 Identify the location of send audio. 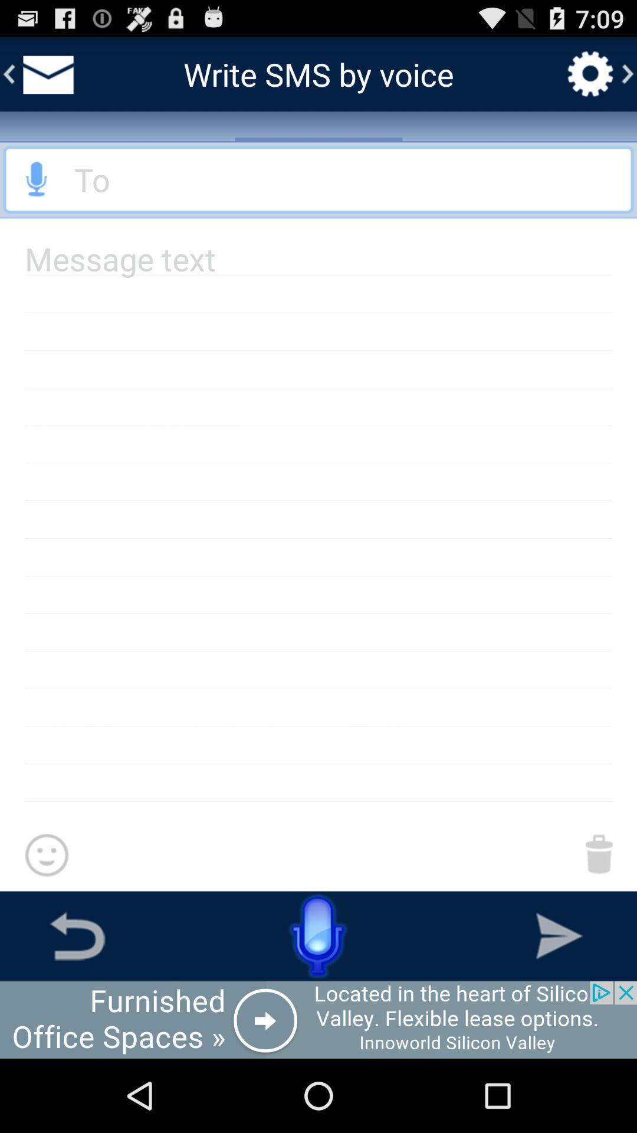
(36, 179).